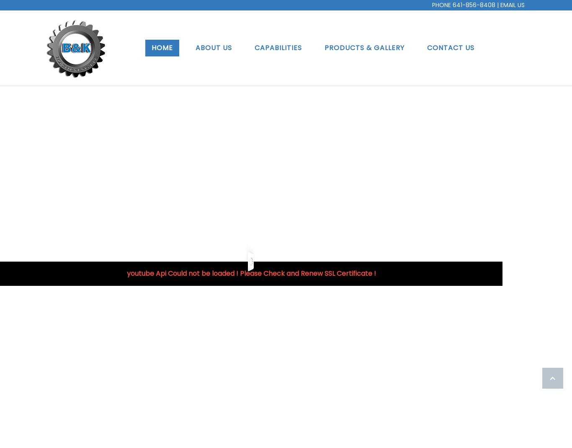 The width and height of the screenshot is (572, 448). What do you see at coordinates (452, 5) in the screenshot?
I see `'641-856-8408'` at bounding box center [452, 5].